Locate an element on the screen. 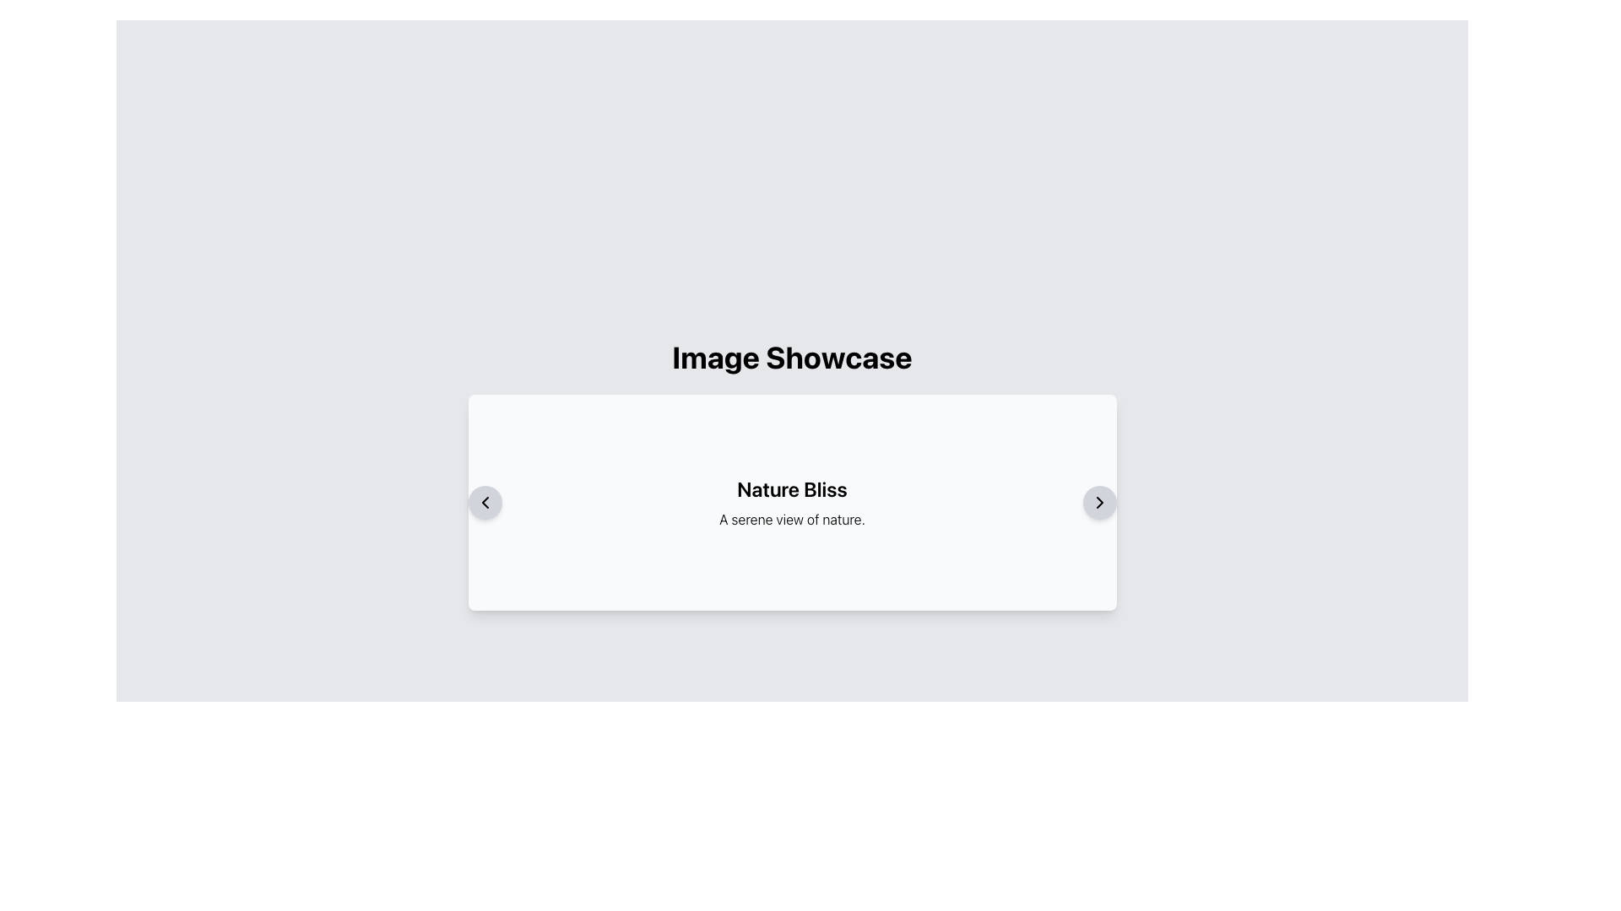 The width and height of the screenshot is (1621, 911). the navigational button located at the left-middle edge of the centered card, intended for navigating to the previous item in a gallery or carousel is located at coordinates (484, 502).